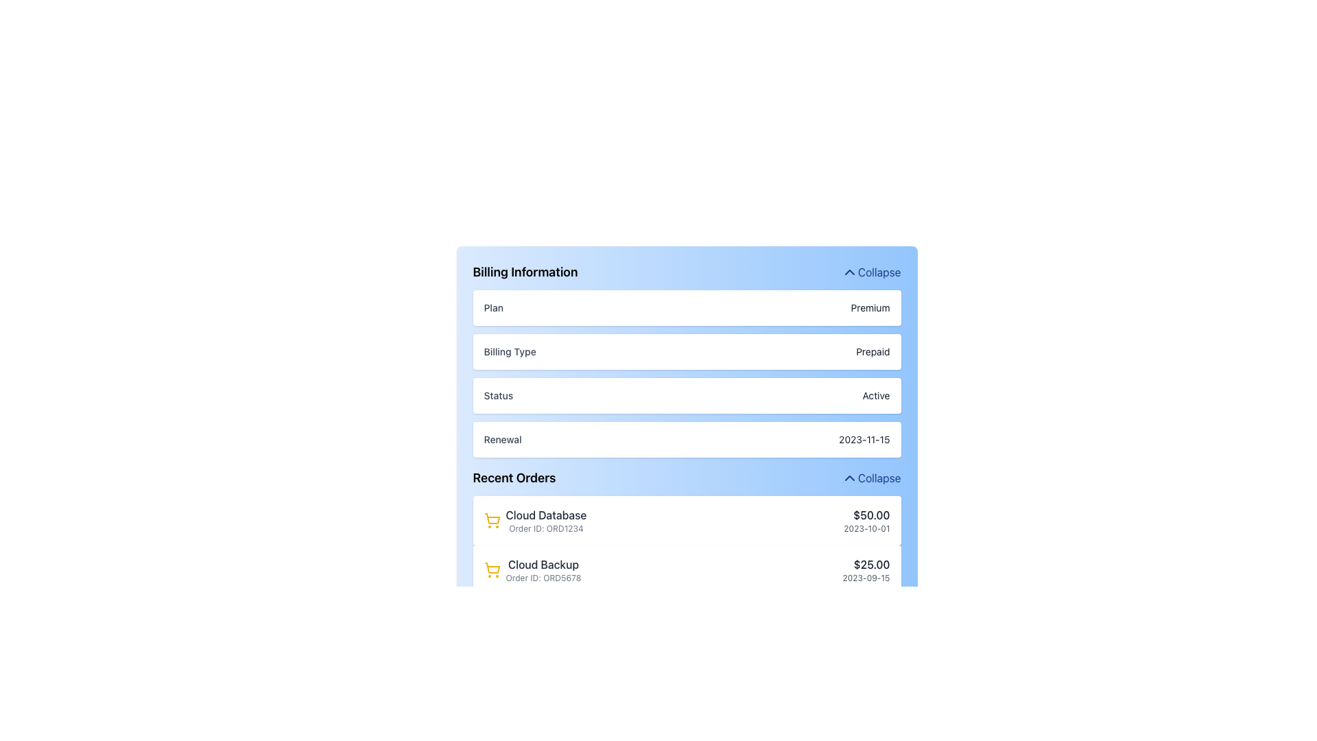  I want to click on the Information display panel for the recent order summary located in the 'Recent Orders' section under 'Billing Information', so click(687, 521).